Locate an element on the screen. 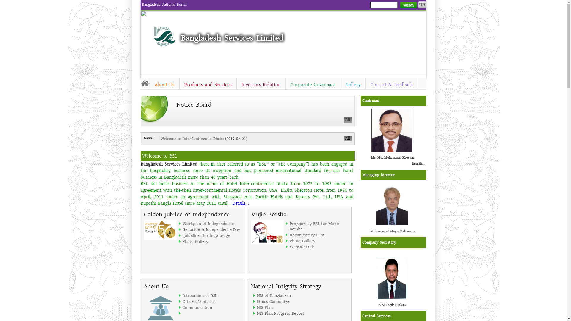 Image resolution: width=571 pixels, height=321 pixels. 'Documentary Film' is located at coordinates (318, 235).